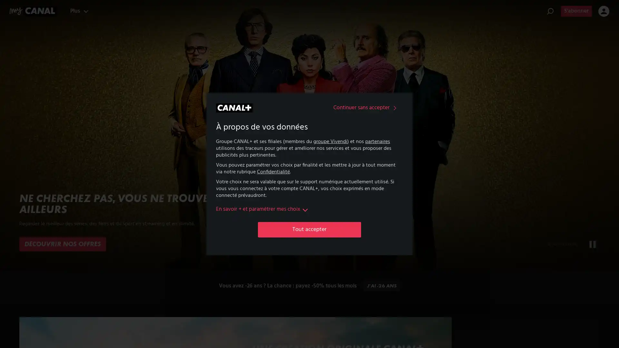  What do you see at coordinates (309, 229) in the screenshot?
I see `Accepter notre traitement des donnees` at bounding box center [309, 229].